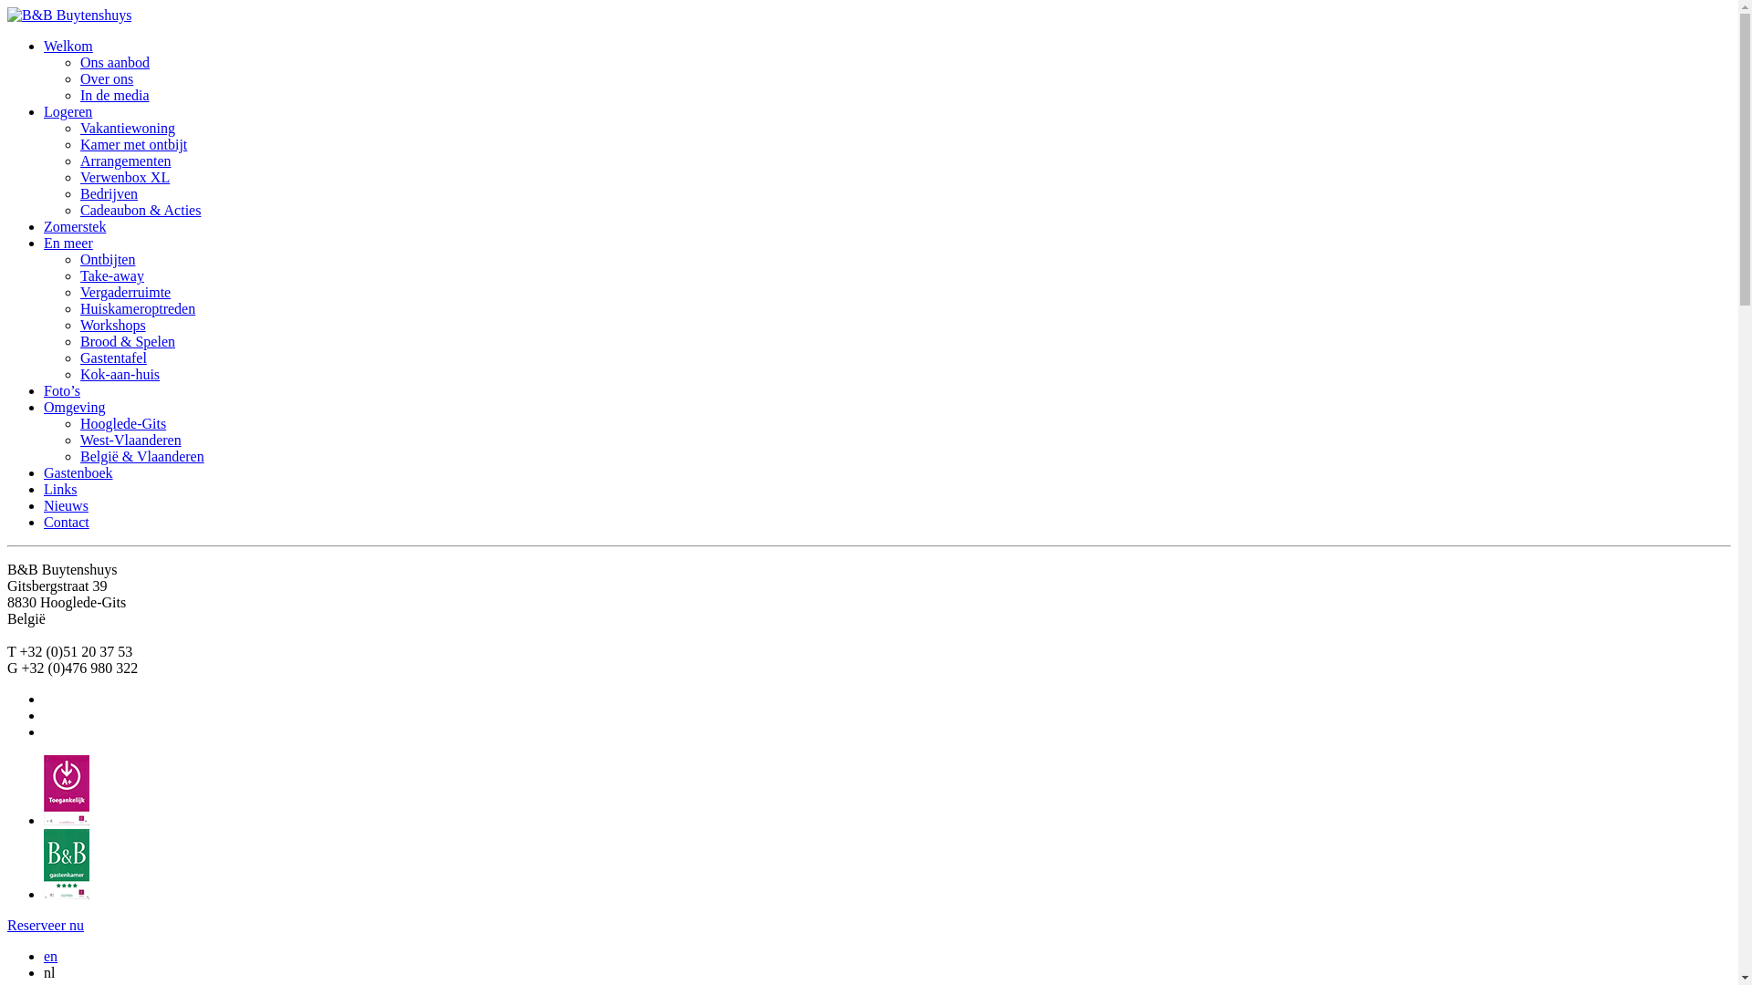  Describe the element at coordinates (73, 406) in the screenshot. I see `'Omgeving'` at that location.